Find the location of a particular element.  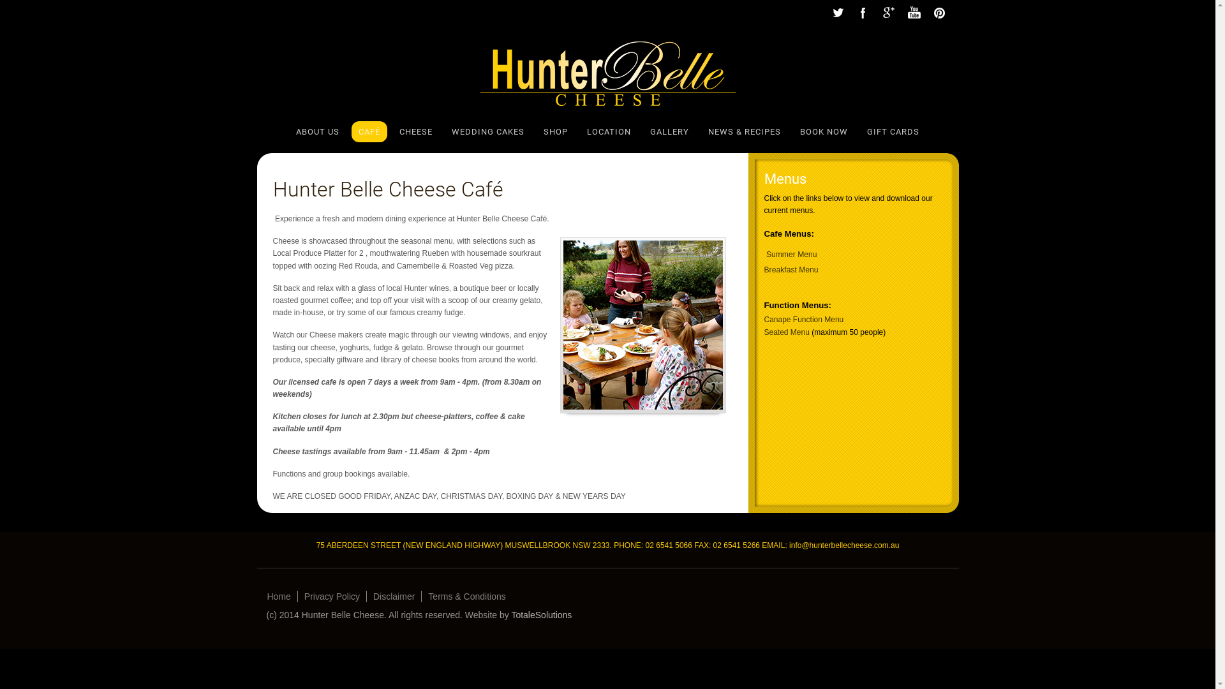

'BOOK NOW' is located at coordinates (824, 131).